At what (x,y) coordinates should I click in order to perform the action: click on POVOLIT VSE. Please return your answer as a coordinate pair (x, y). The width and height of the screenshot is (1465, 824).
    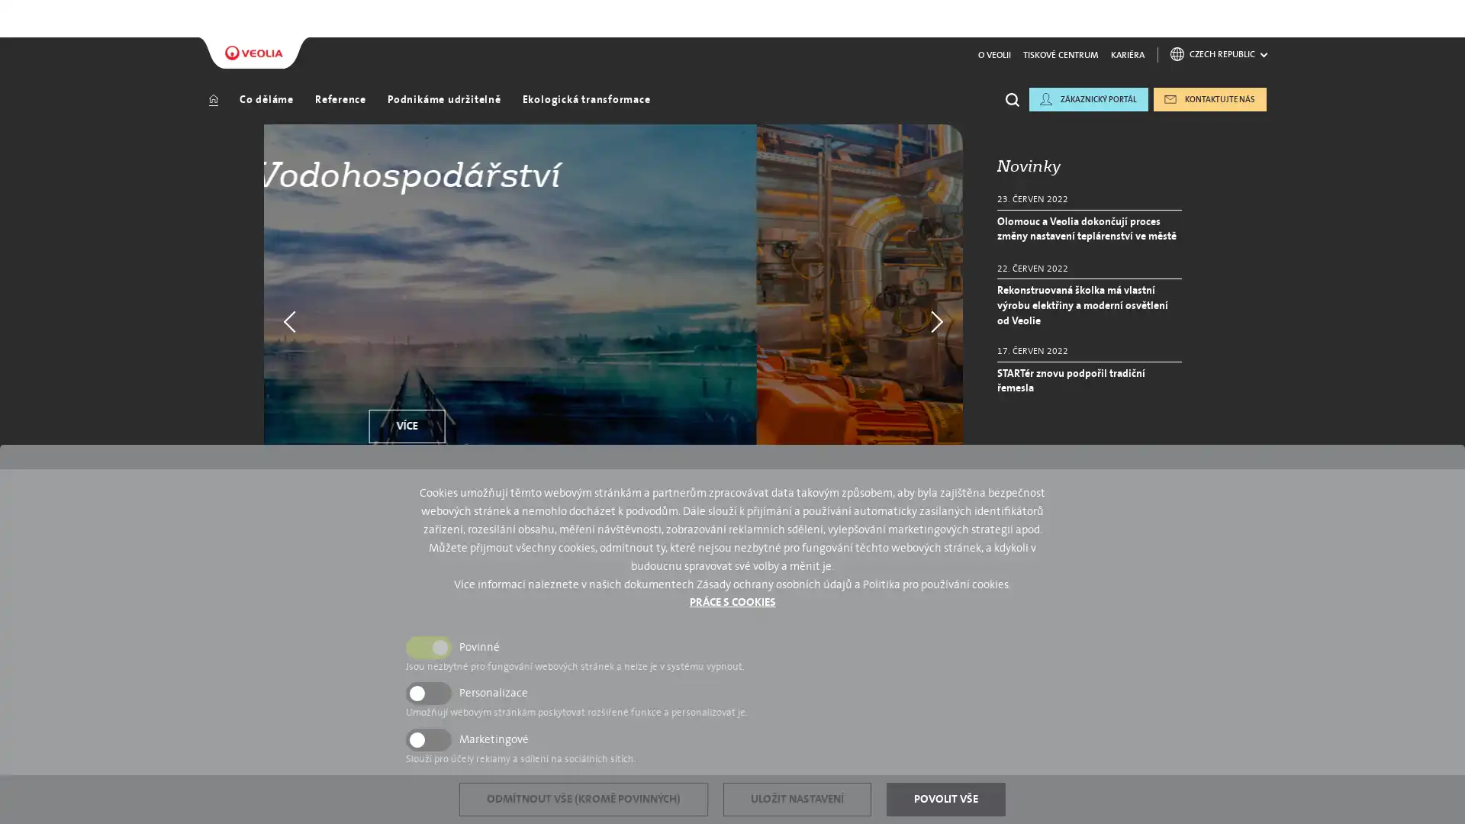
    Looking at the image, I should click on (945, 799).